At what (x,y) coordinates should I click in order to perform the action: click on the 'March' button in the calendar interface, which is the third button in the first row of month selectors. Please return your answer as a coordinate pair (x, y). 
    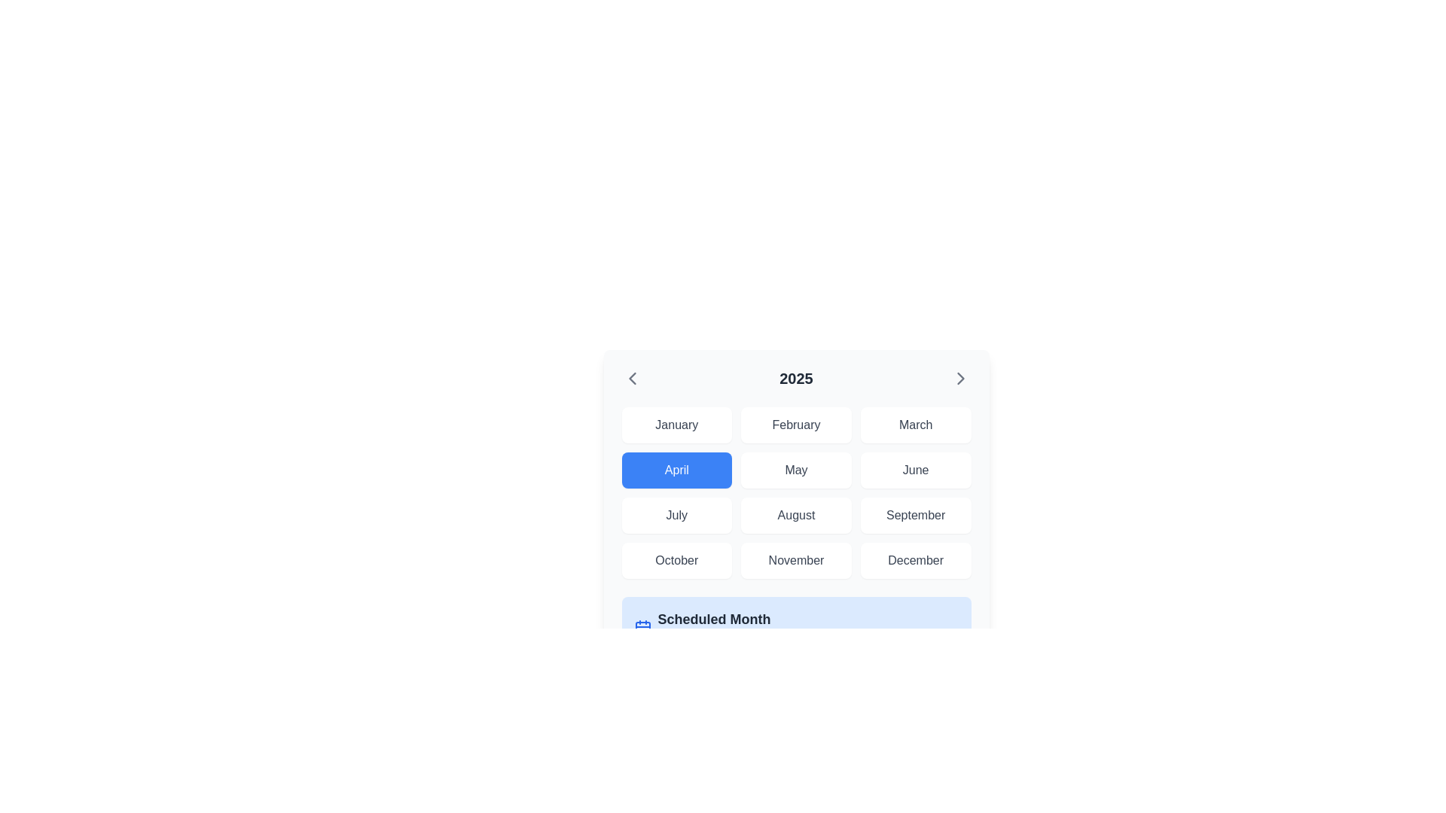
    Looking at the image, I should click on (915, 425).